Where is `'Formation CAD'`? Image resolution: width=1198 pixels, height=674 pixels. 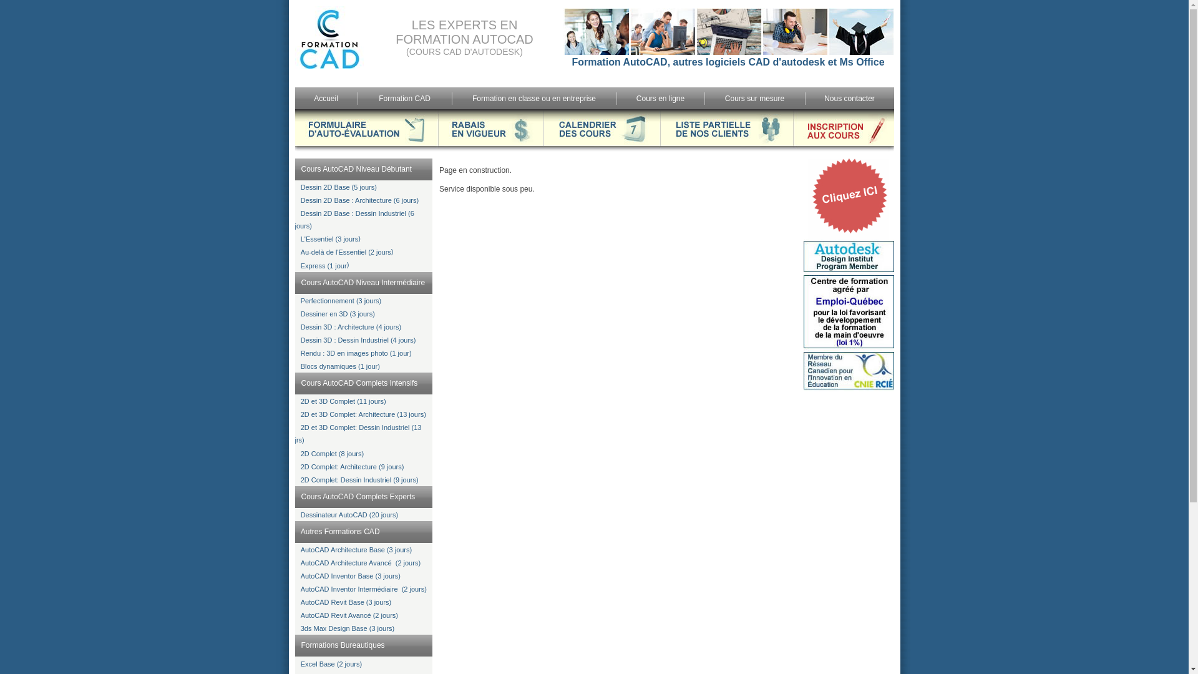 'Formation CAD' is located at coordinates (404, 97).